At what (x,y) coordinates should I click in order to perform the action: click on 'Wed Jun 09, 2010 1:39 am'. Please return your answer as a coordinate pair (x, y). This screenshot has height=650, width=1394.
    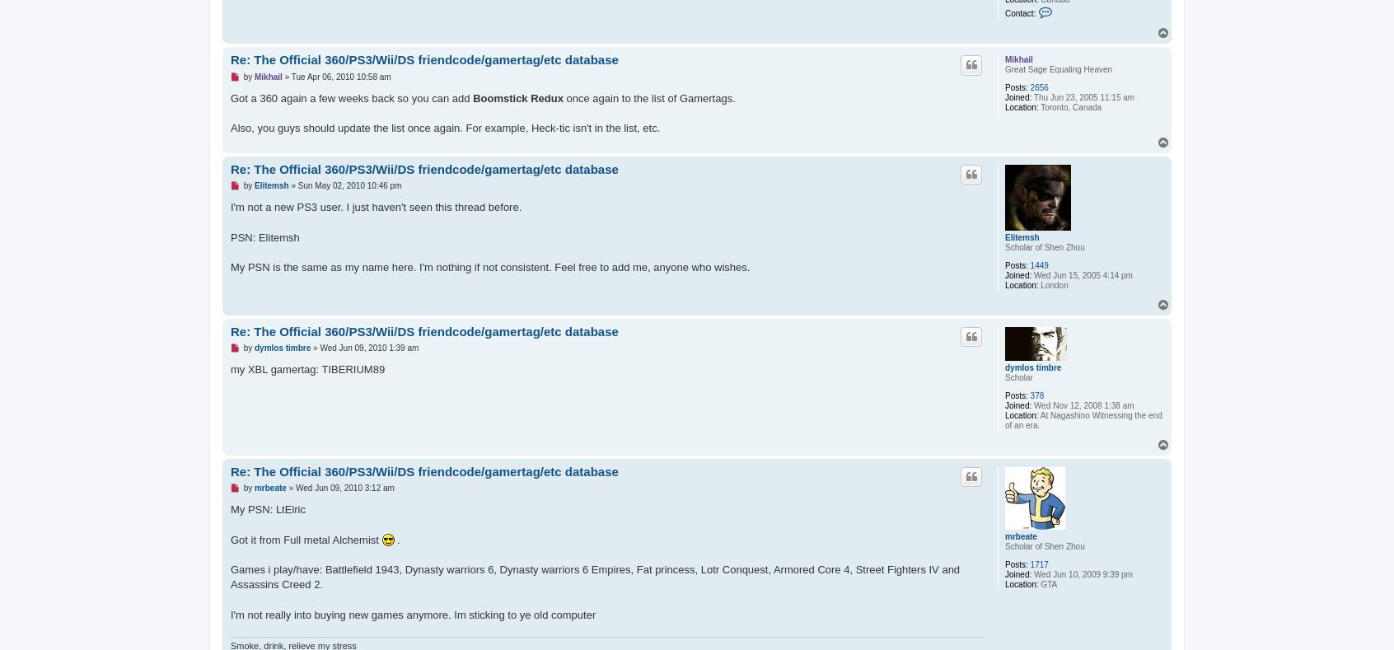
    Looking at the image, I should click on (368, 348).